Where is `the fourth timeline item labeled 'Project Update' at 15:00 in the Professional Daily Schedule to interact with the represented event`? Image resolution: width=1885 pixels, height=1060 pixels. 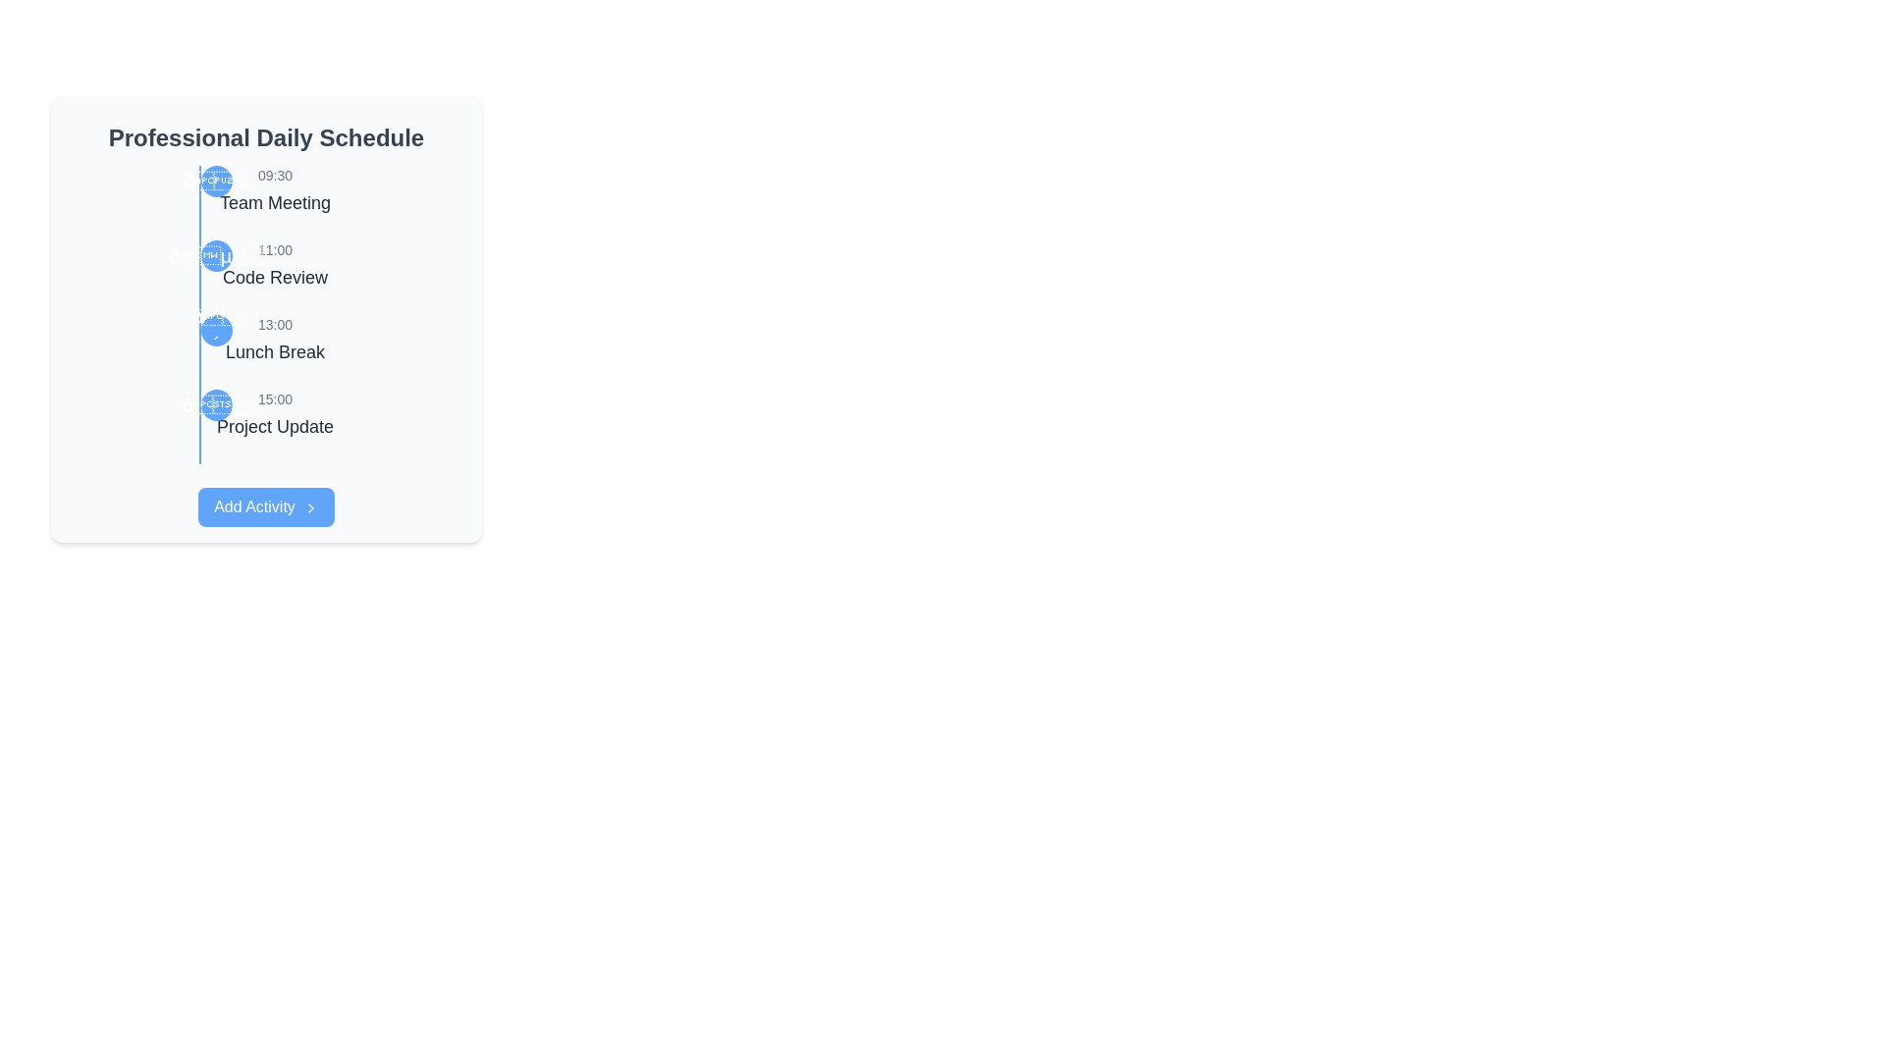
the fourth timeline item labeled 'Project Update' at 15:00 in the Professional Daily Schedule to interact with the represented event is located at coordinates (274, 414).